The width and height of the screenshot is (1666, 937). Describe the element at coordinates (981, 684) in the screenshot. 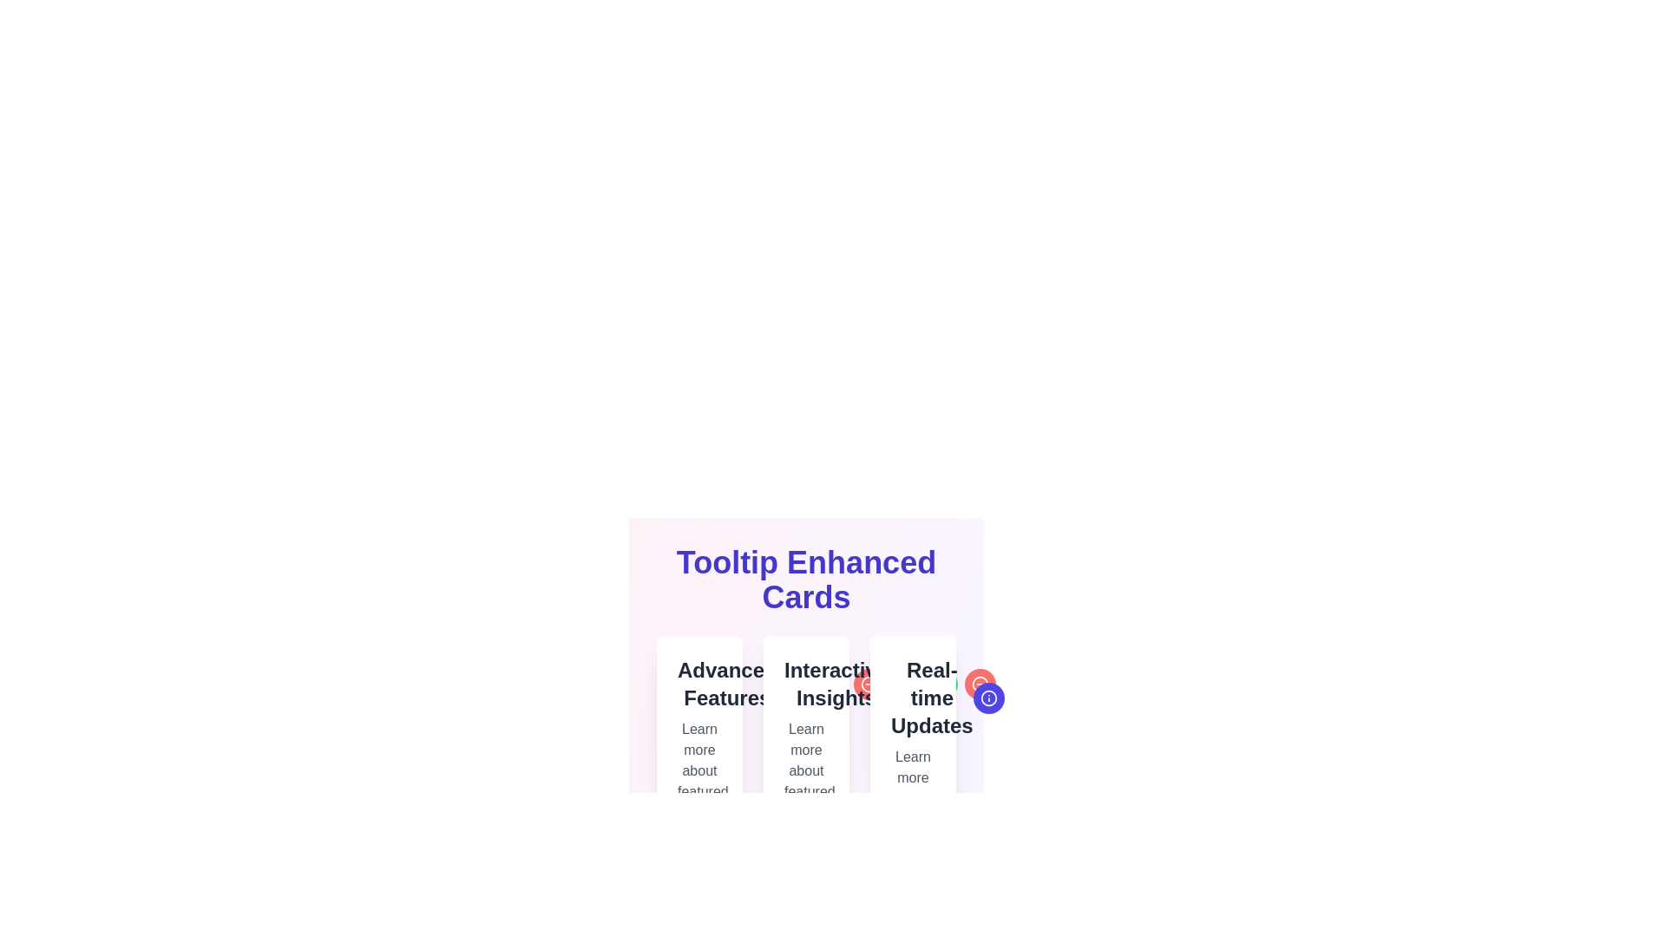

I see `the circular icon button with a red background and a white minus sign located in the bottom-right corner of the 'Real-time Updates' card` at that location.